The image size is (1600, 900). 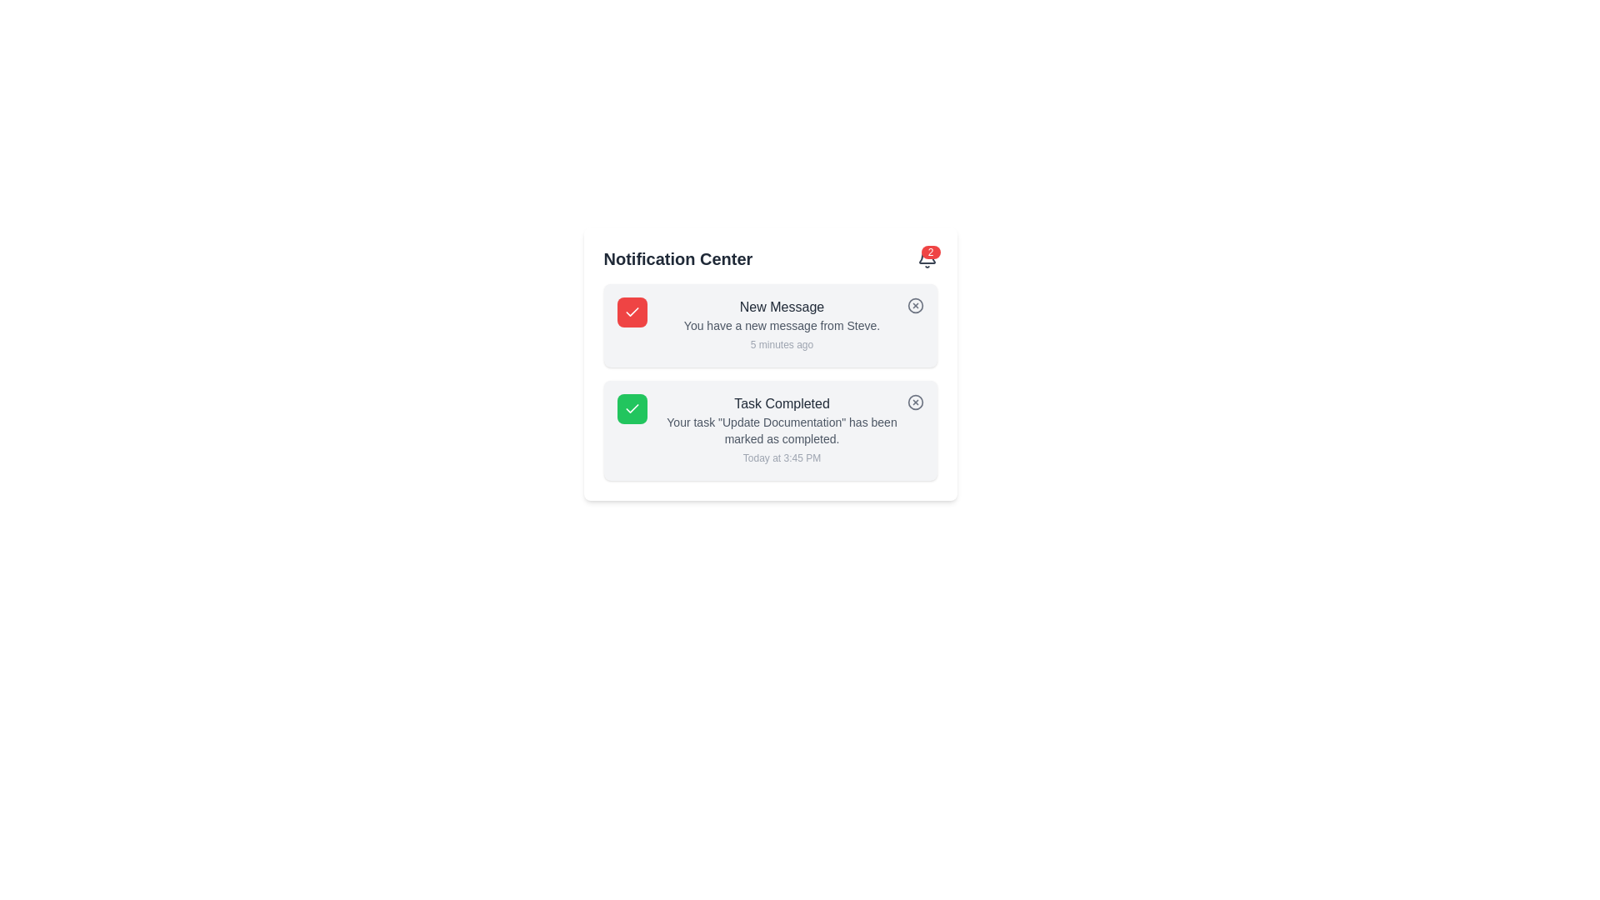 I want to click on the 'New Message' text label, which is styled in medium-weight font and dark gray color, located at the top of the notification card, so click(x=781, y=307).